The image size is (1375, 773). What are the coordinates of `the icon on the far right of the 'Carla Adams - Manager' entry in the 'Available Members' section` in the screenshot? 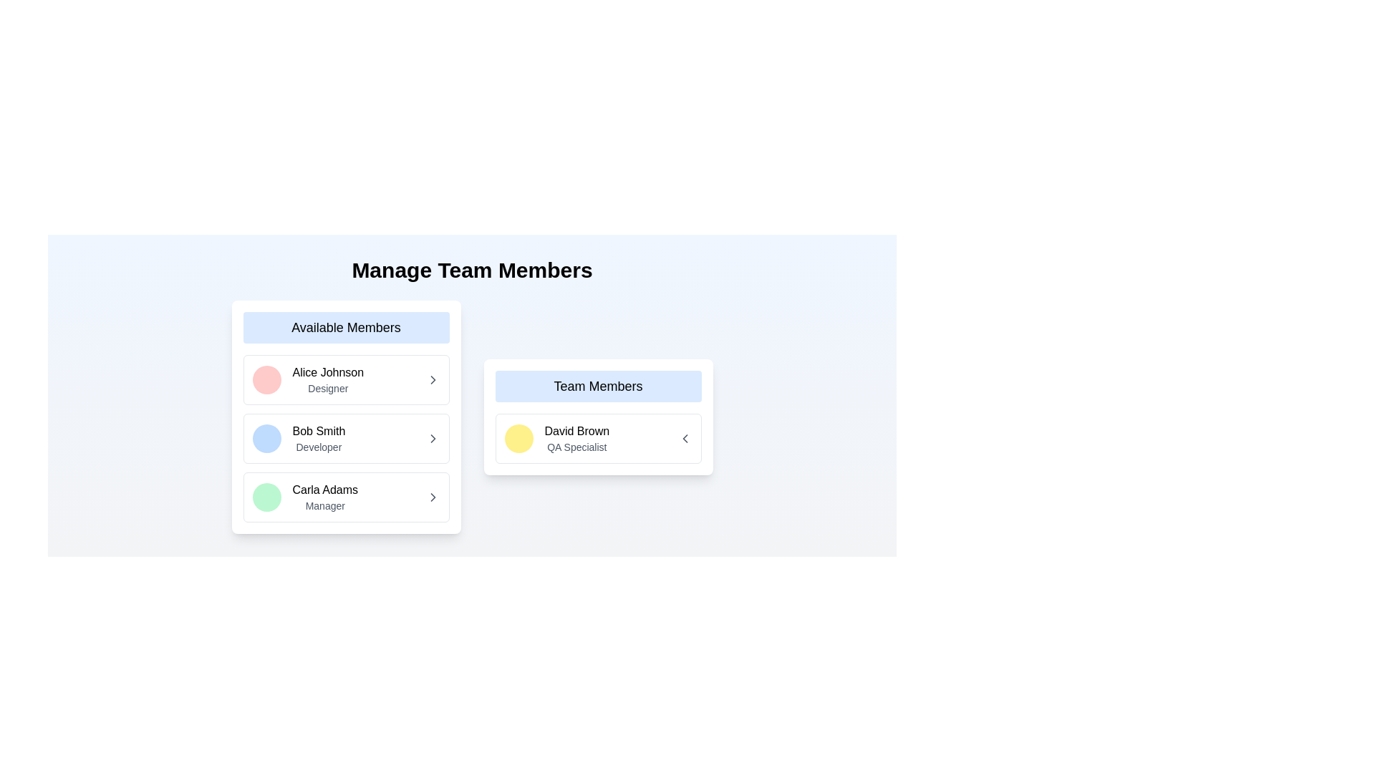 It's located at (432, 496).